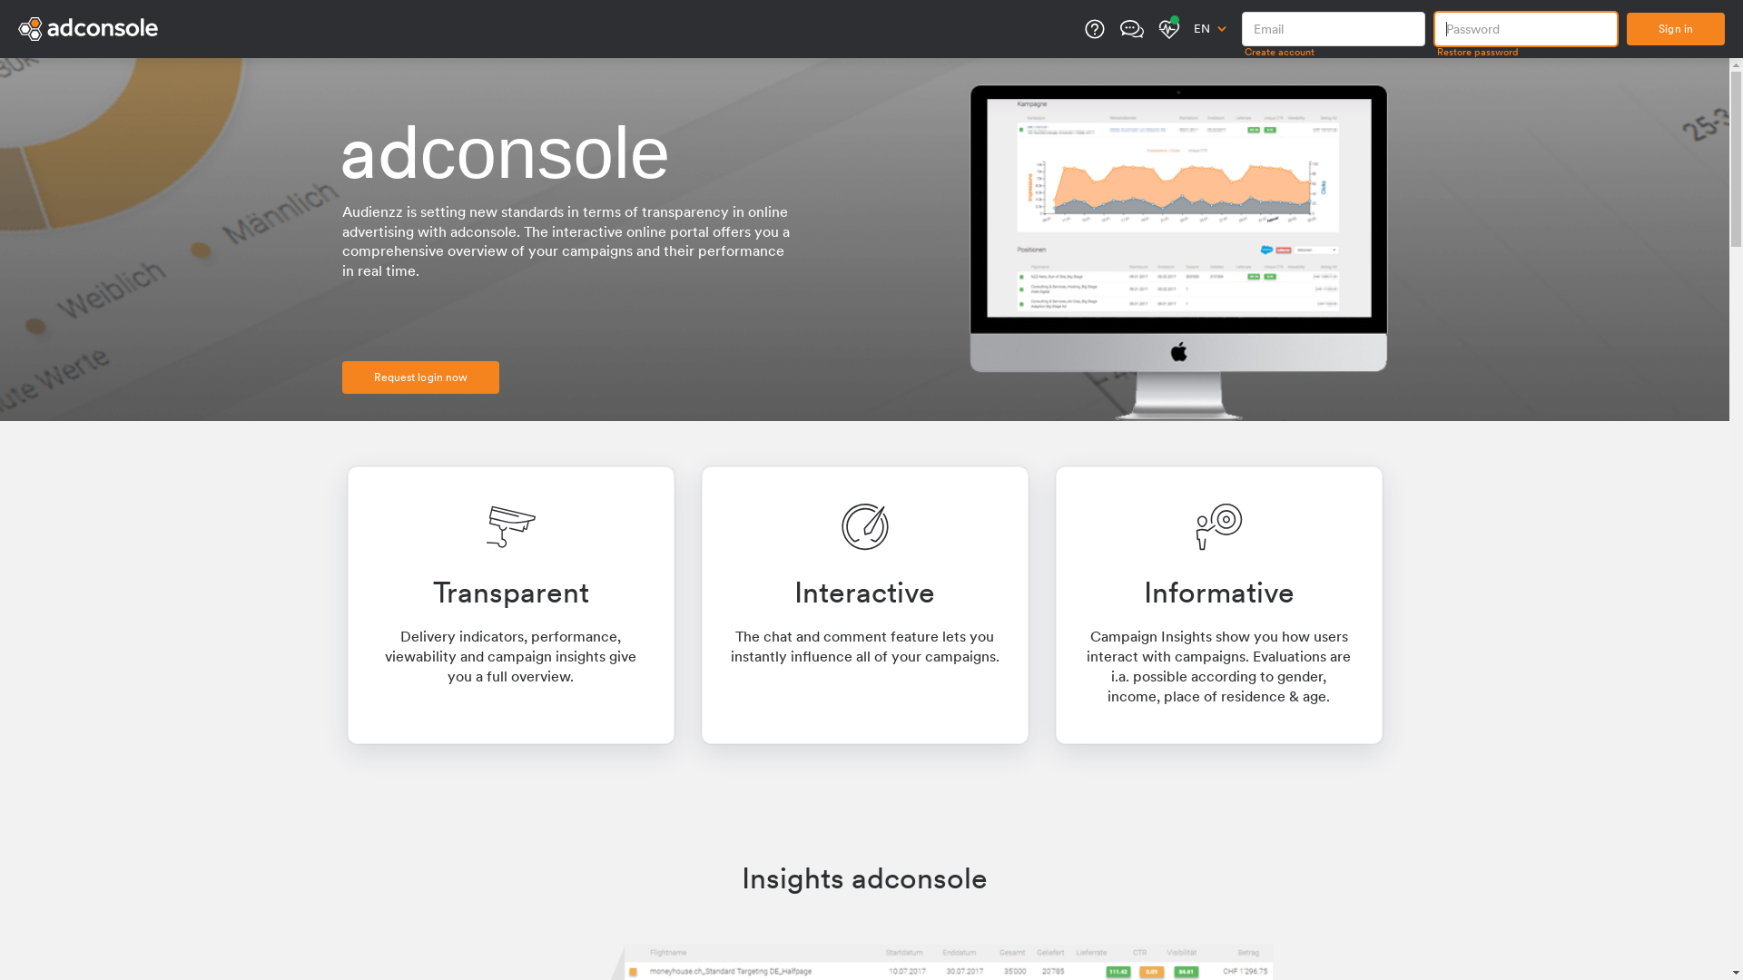 Image resolution: width=1743 pixels, height=980 pixels. I want to click on 'Sign in', so click(1675, 28).